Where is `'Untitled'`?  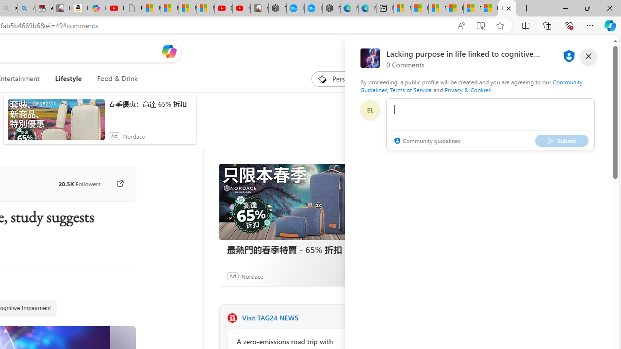 'Untitled' is located at coordinates (133, 8).